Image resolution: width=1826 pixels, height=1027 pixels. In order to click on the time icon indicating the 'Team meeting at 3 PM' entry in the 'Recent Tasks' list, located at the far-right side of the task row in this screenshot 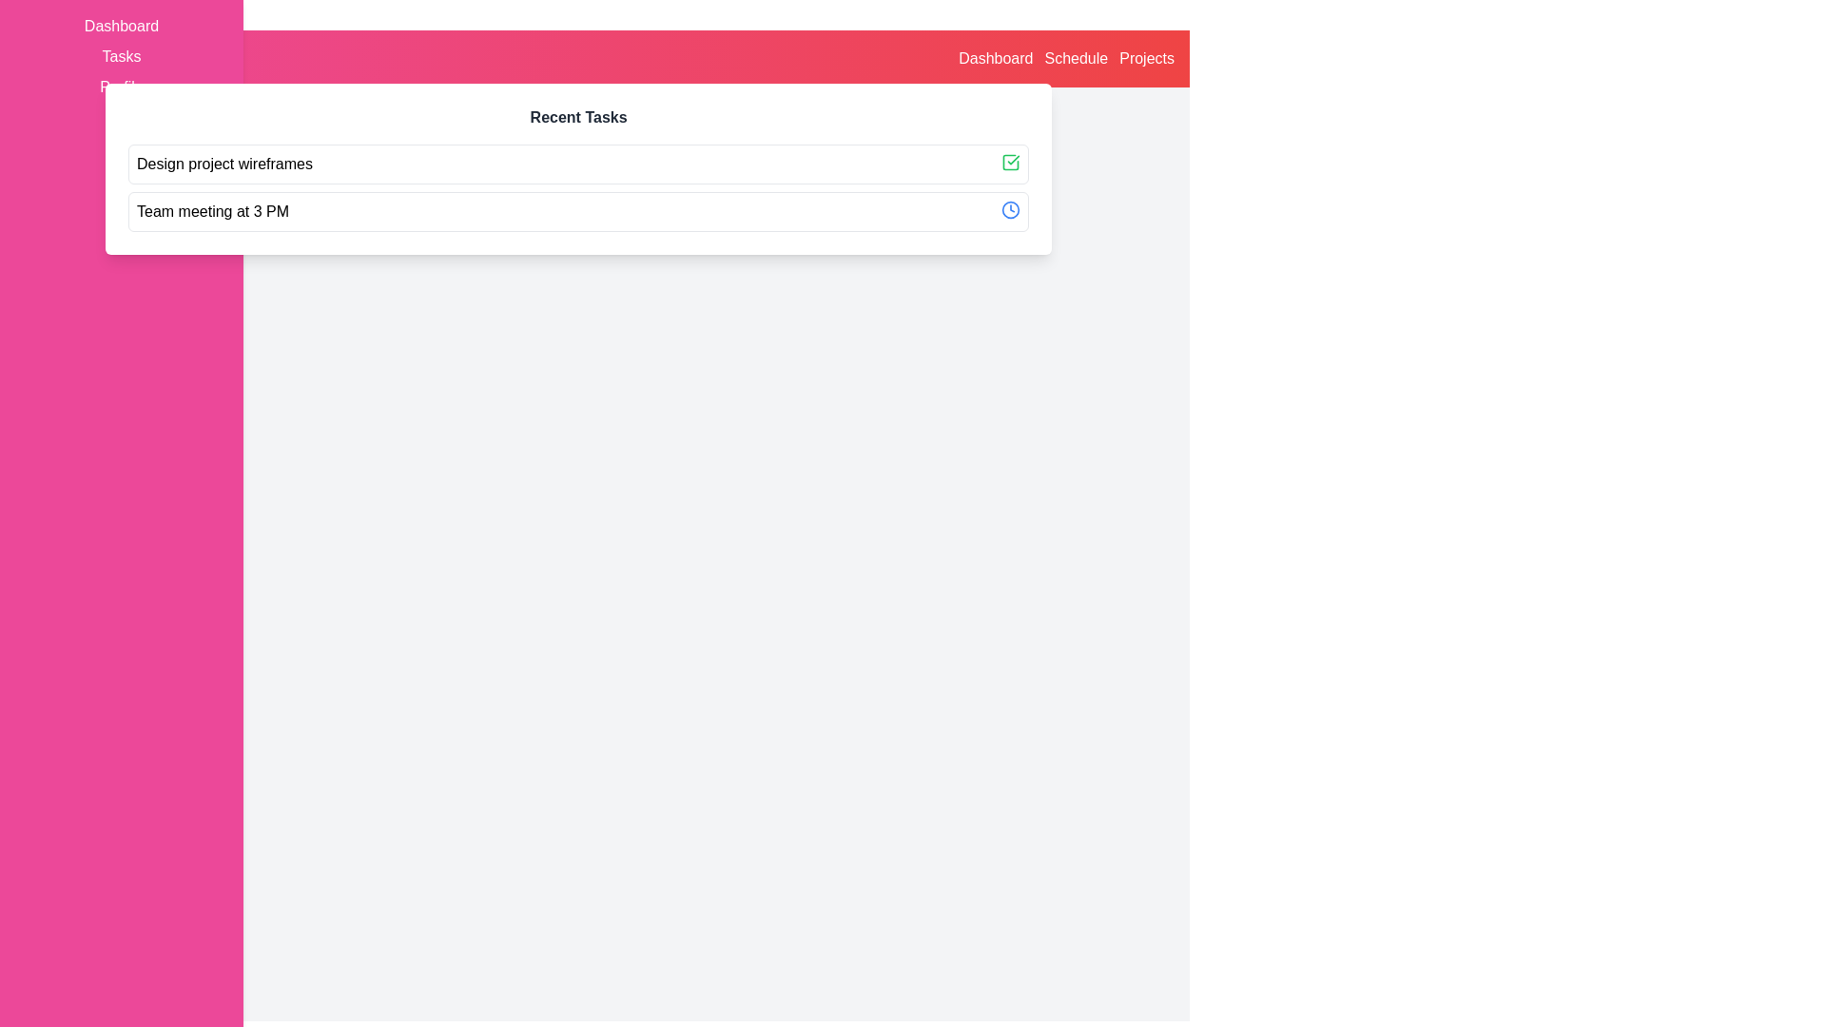, I will do `click(1010, 209)`.